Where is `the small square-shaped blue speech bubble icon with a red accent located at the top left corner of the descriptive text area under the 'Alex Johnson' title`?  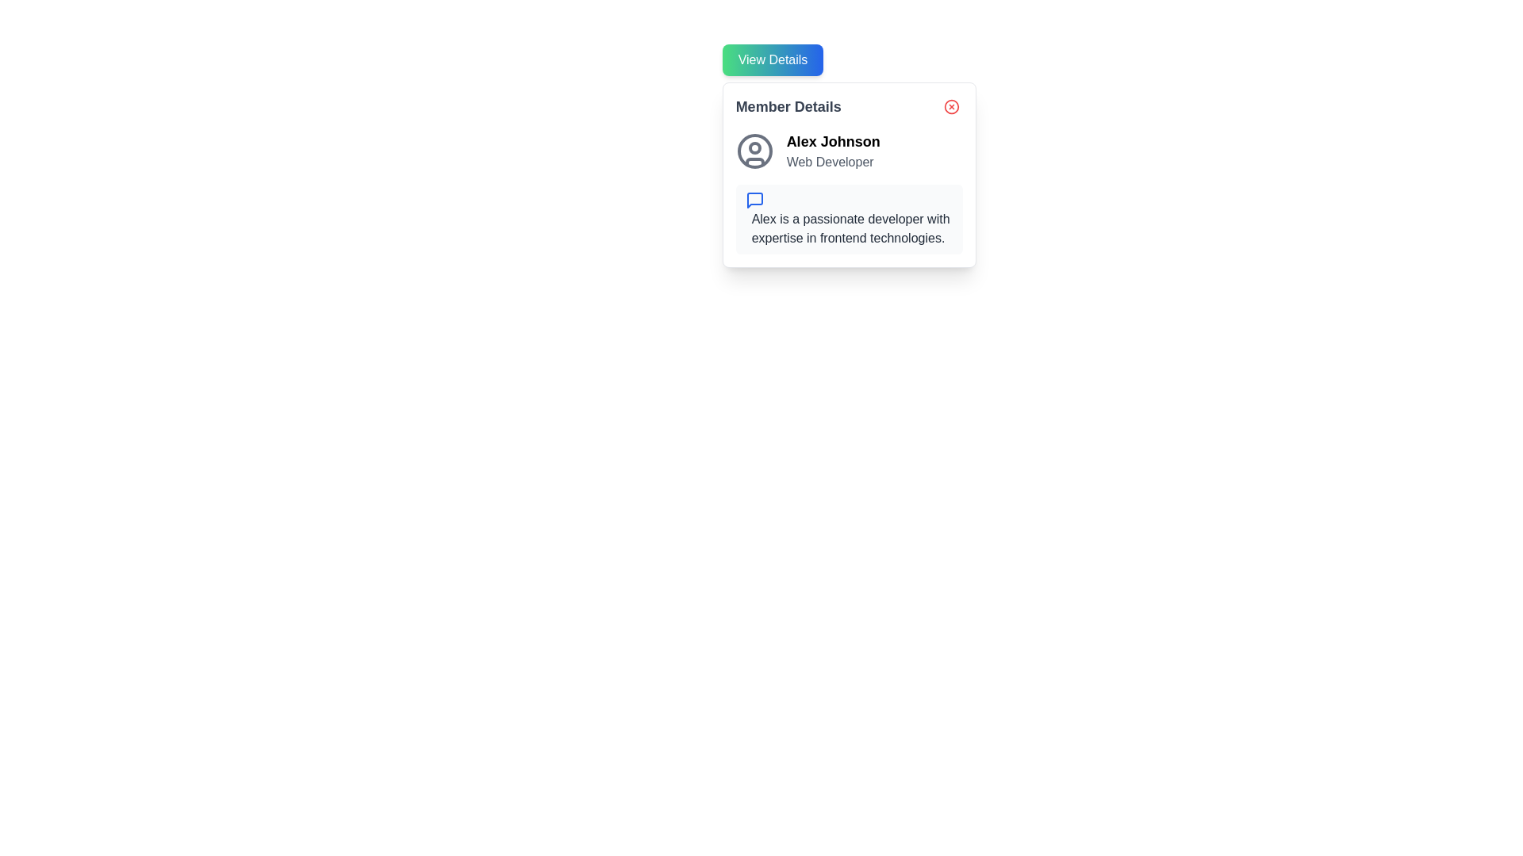 the small square-shaped blue speech bubble icon with a red accent located at the top left corner of the descriptive text area under the 'Alex Johnson' title is located at coordinates (754, 200).